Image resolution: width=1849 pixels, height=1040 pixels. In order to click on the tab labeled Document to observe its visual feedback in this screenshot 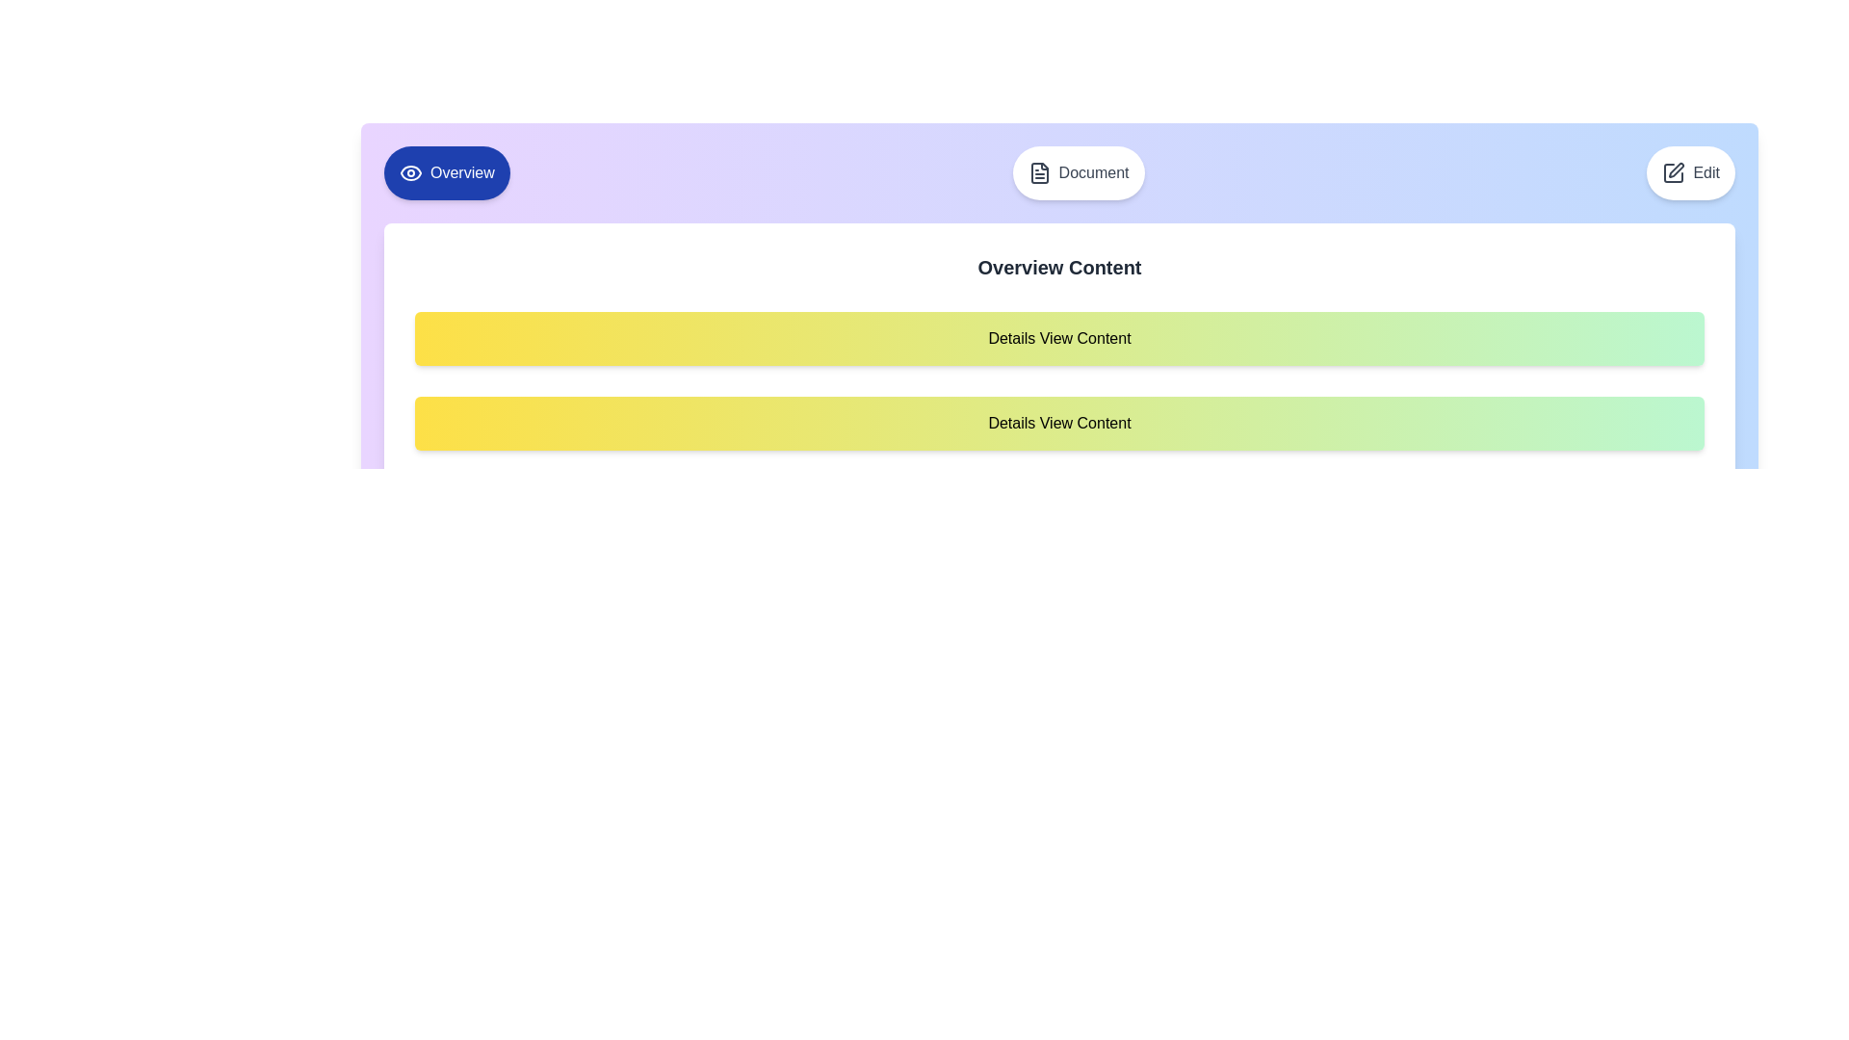, I will do `click(1077, 173)`.